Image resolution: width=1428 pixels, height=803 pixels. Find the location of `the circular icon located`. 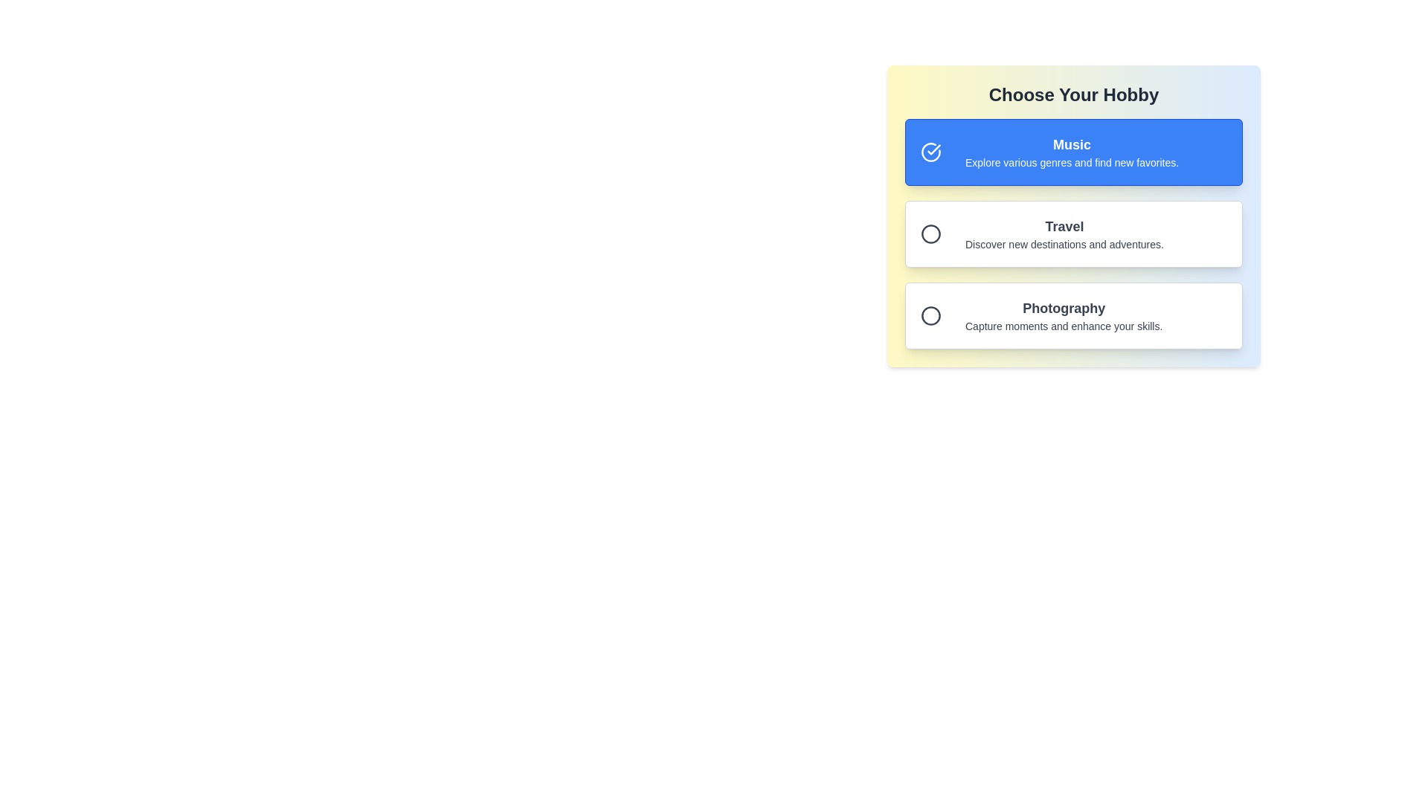

the circular icon located is located at coordinates (930, 315).